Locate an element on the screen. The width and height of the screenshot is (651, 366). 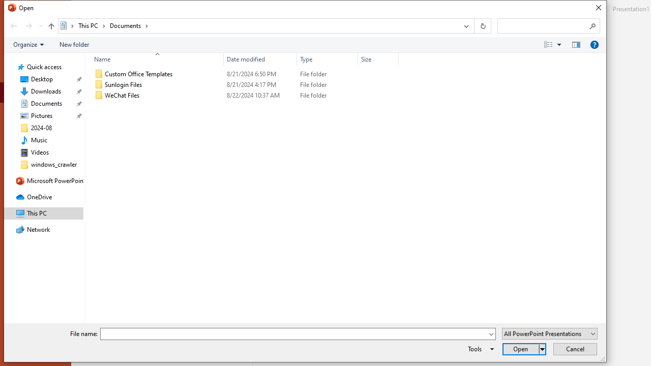
'File name:' is located at coordinates (293, 334).